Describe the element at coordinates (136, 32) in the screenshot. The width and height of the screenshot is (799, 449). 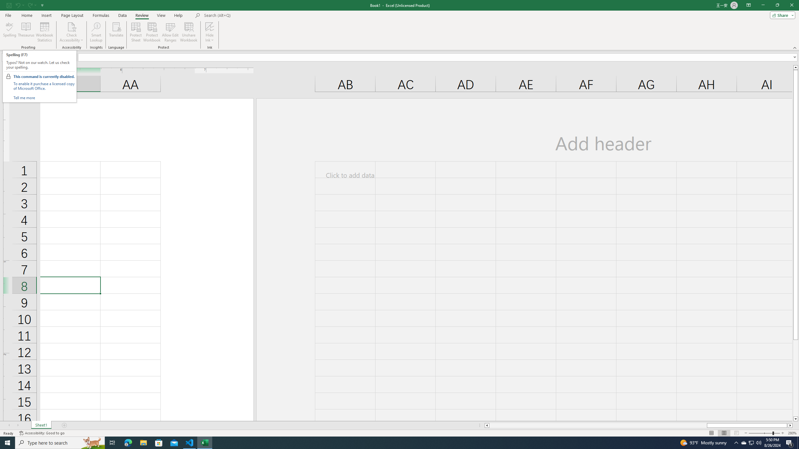
I see `'Protect Sheet...'` at that location.